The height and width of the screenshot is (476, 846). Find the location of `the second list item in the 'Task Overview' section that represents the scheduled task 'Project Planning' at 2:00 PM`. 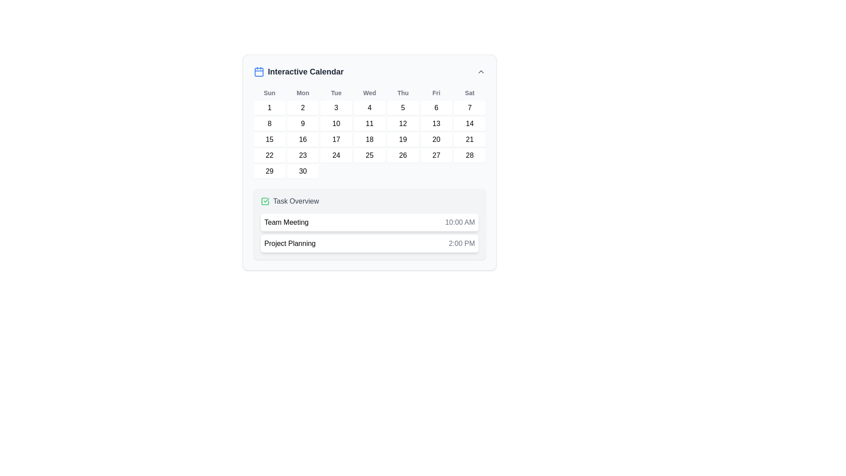

the second list item in the 'Task Overview' section that represents the scheduled task 'Project Planning' at 2:00 PM is located at coordinates (370, 243).